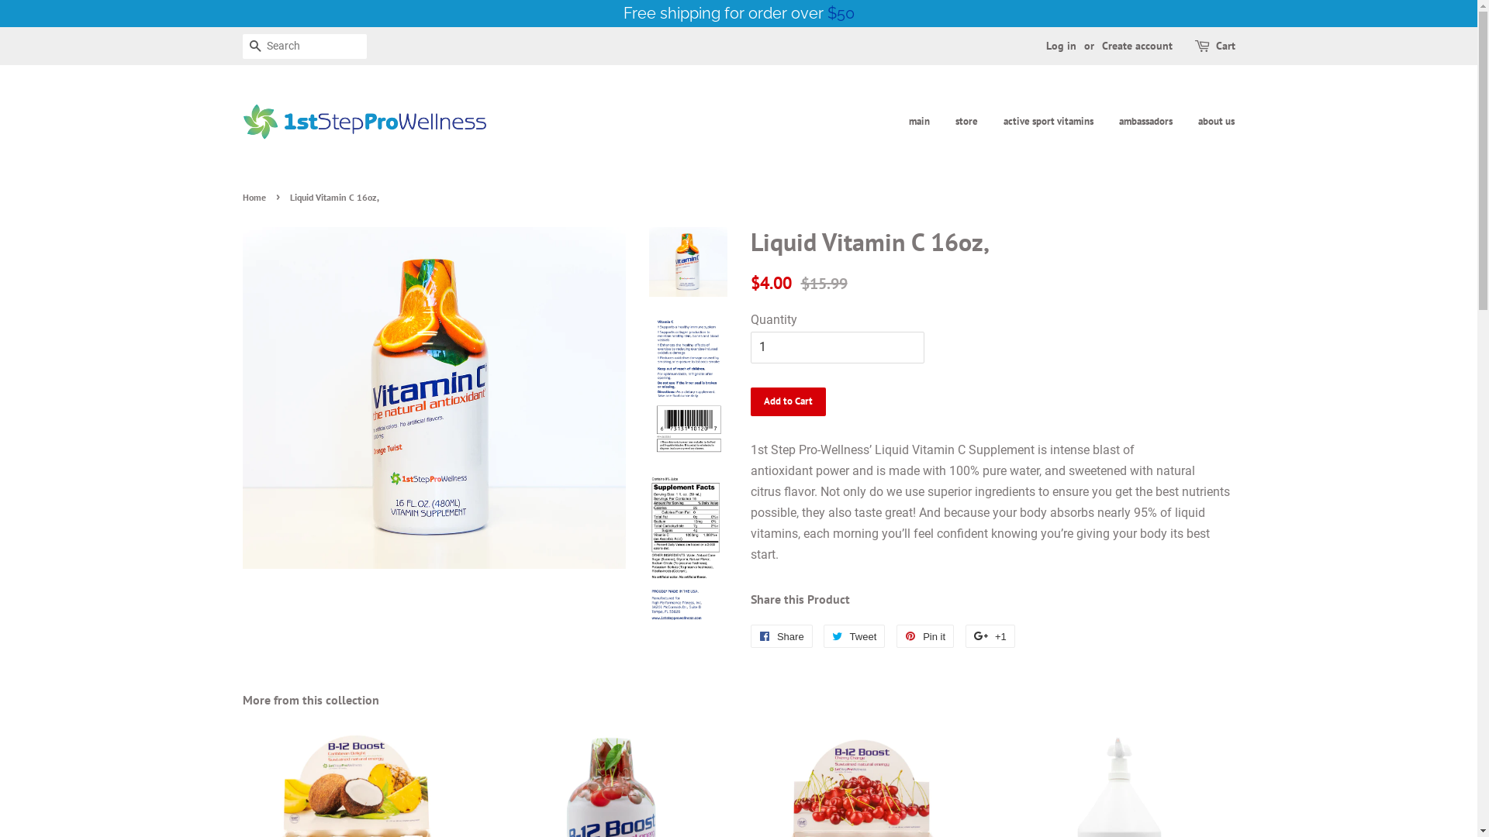 The image size is (1489, 837). Describe the element at coordinates (254, 46) in the screenshot. I see `'Search'` at that location.